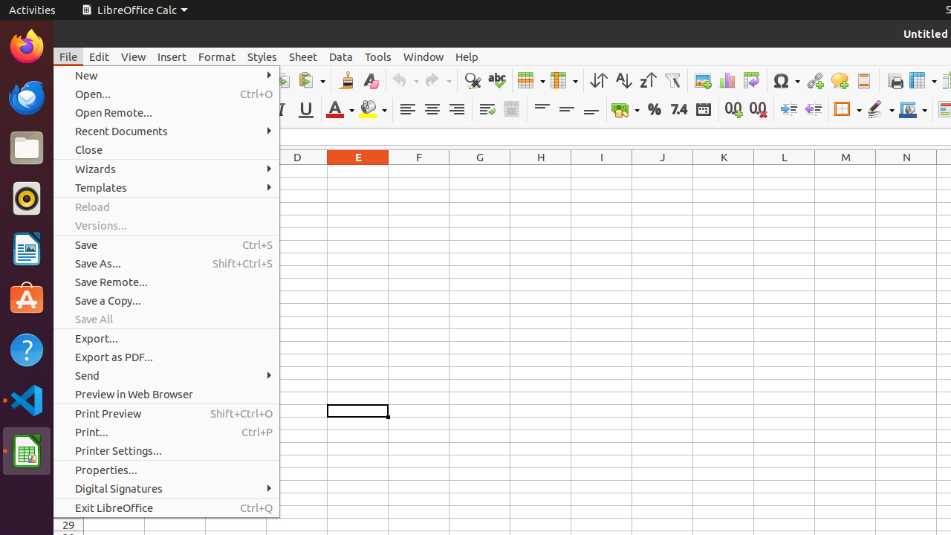 Image resolution: width=951 pixels, height=535 pixels. What do you see at coordinates (378, 56) in the screenshot?
I see `'Tools'` at bounding box center [378, 56].